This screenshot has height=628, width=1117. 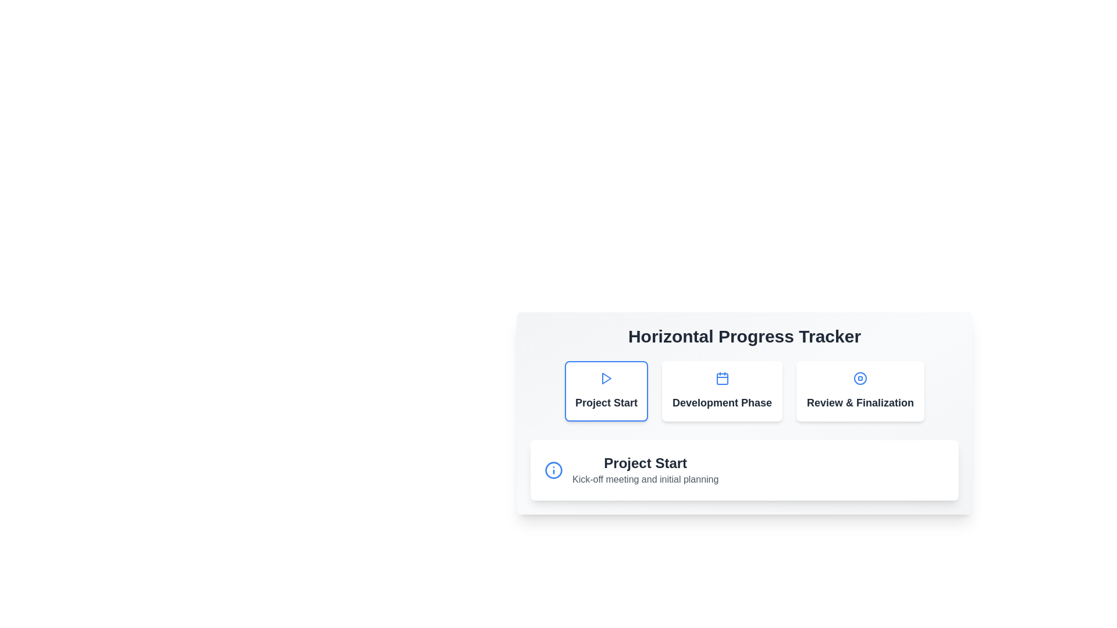 I want to click on the 'Project Start' text label to focus on the associated card within the UI component, so click(x=606, y=402).